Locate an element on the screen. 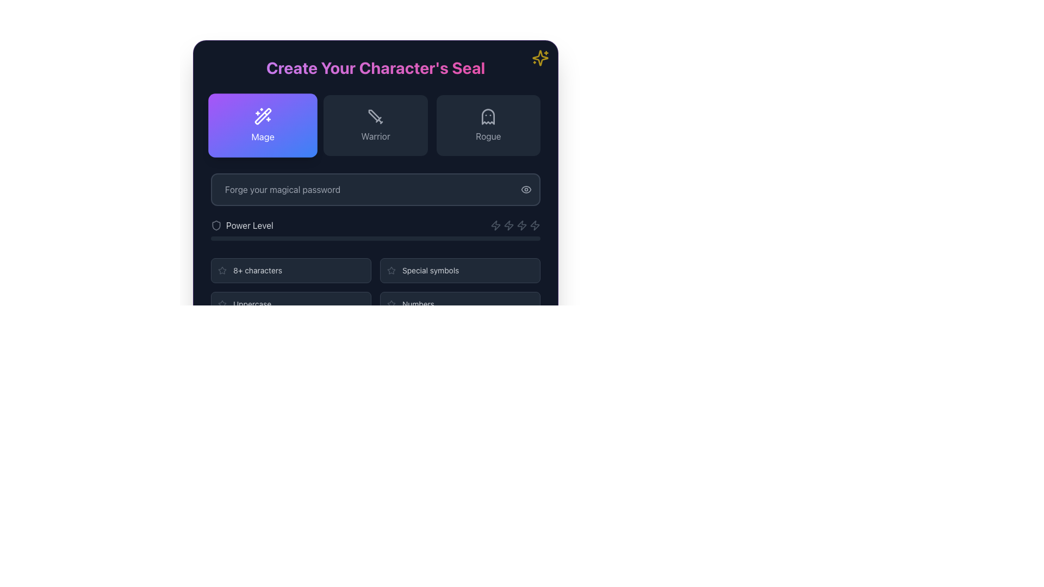  the decorative star icon located to the left of the 'Uppercase' label, which serves as a visual enhancement or status indicator is located at coordinates (221, 304).